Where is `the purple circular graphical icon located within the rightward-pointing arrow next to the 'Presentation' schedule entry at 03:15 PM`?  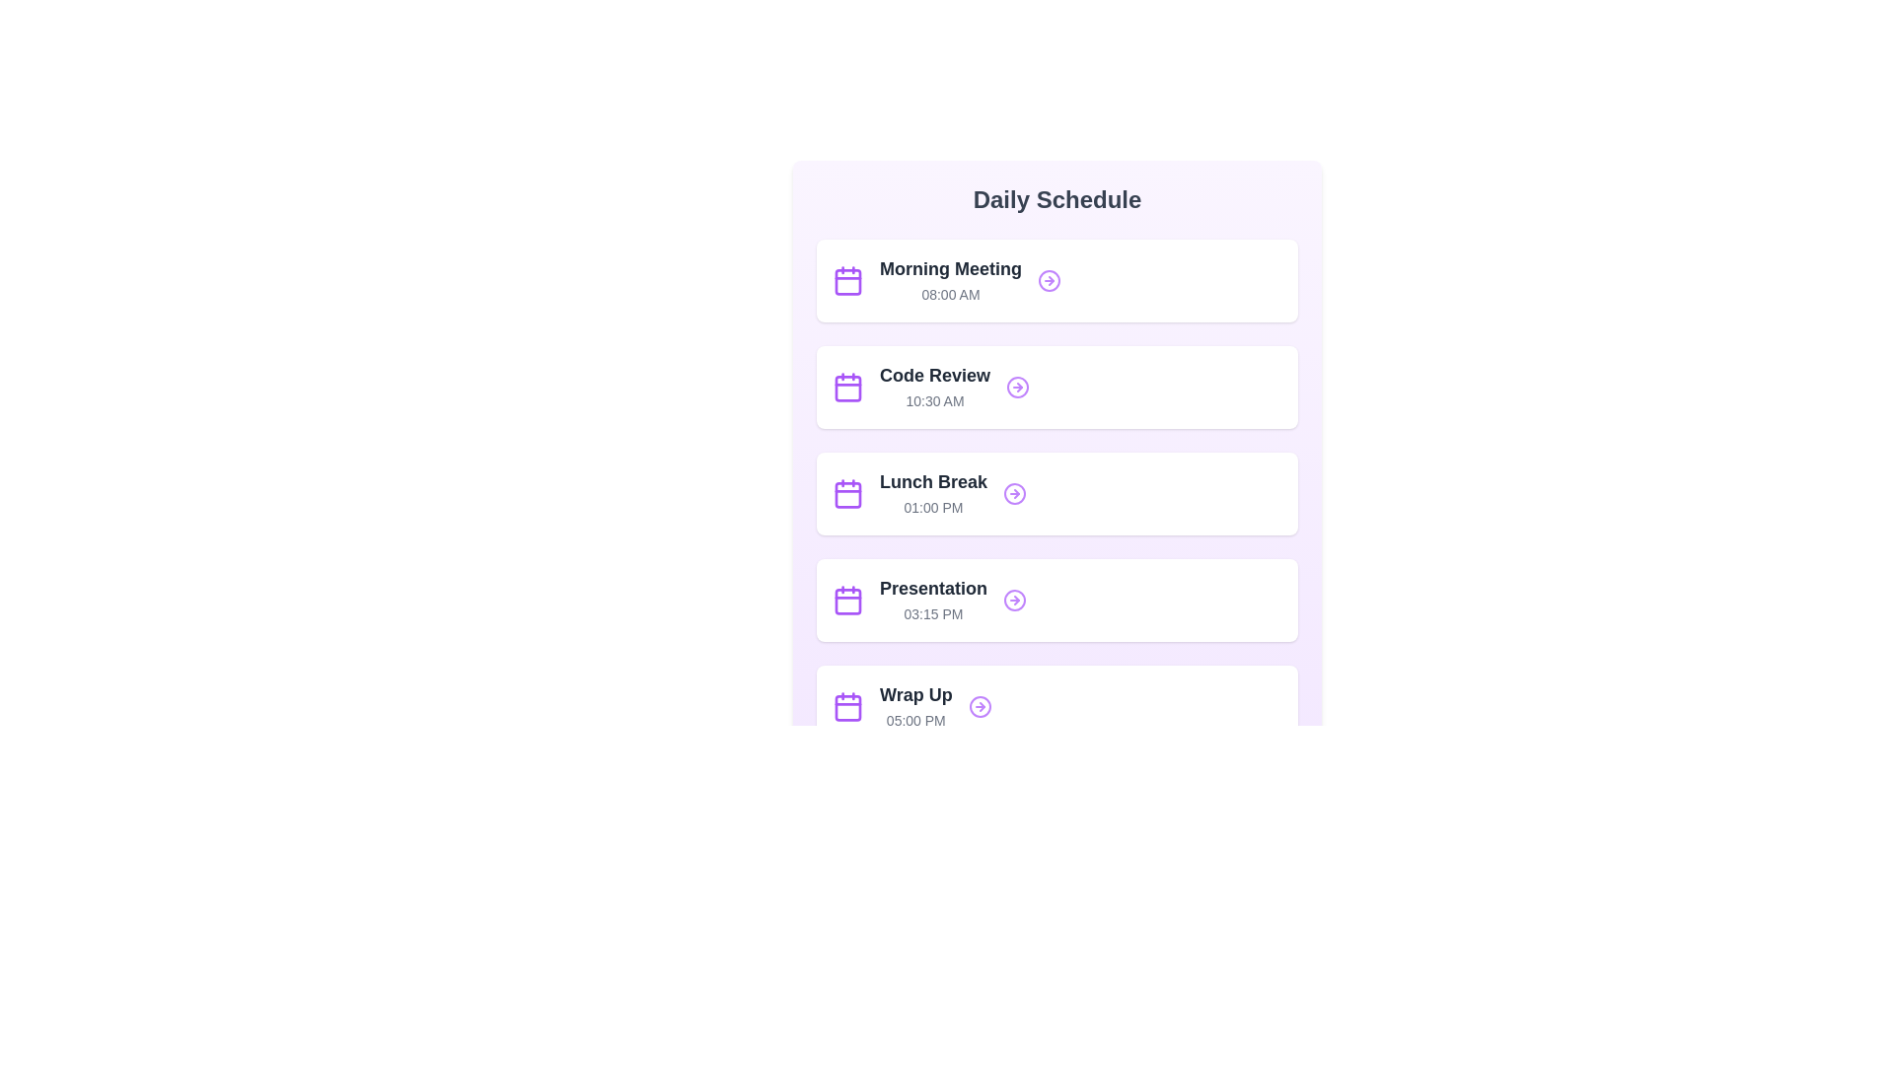 the purple circular graphical icon located within the rightward-pointing arrow next to the 'Presentation' schedule entry at 03:15 PM is located at coordinates (1015, 600).